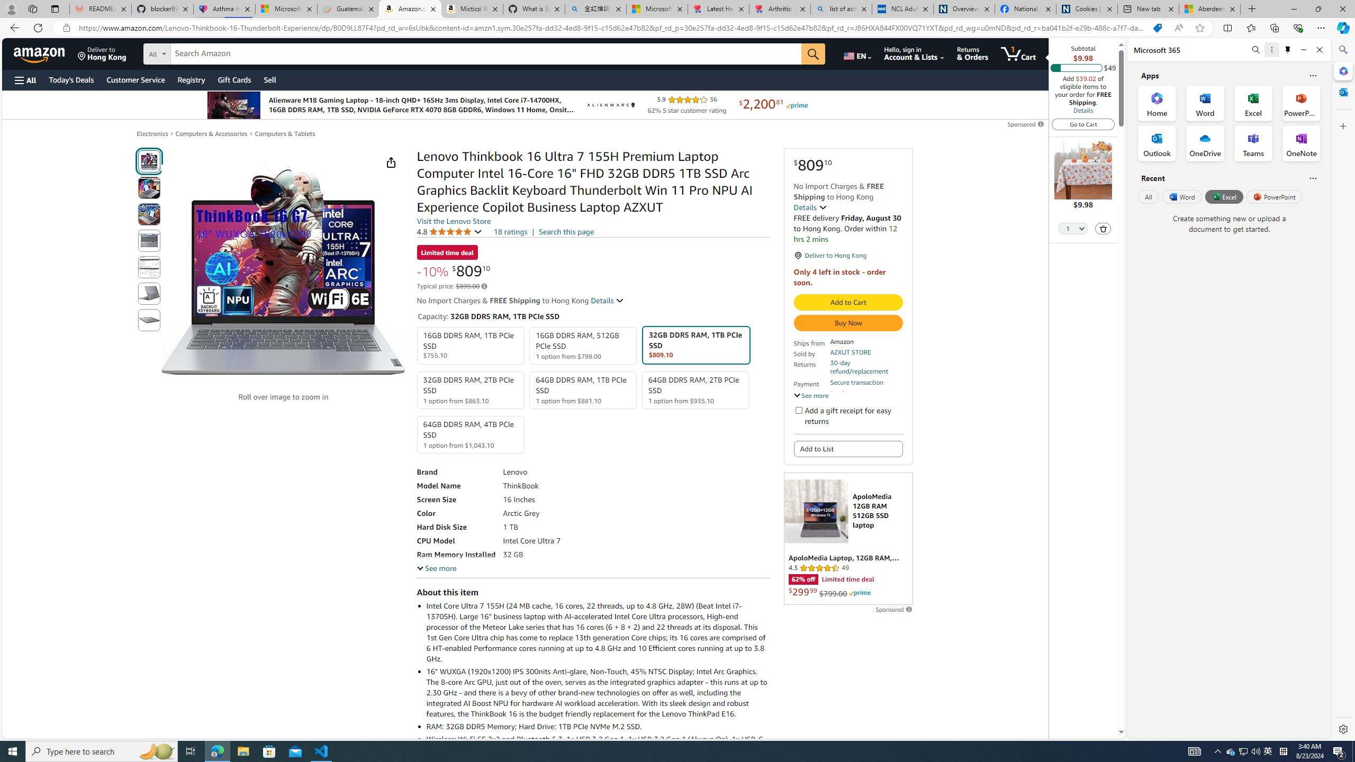 This screenshot has height=762, width=1355. I want to click on 'Buy Now', so click(848, 322).